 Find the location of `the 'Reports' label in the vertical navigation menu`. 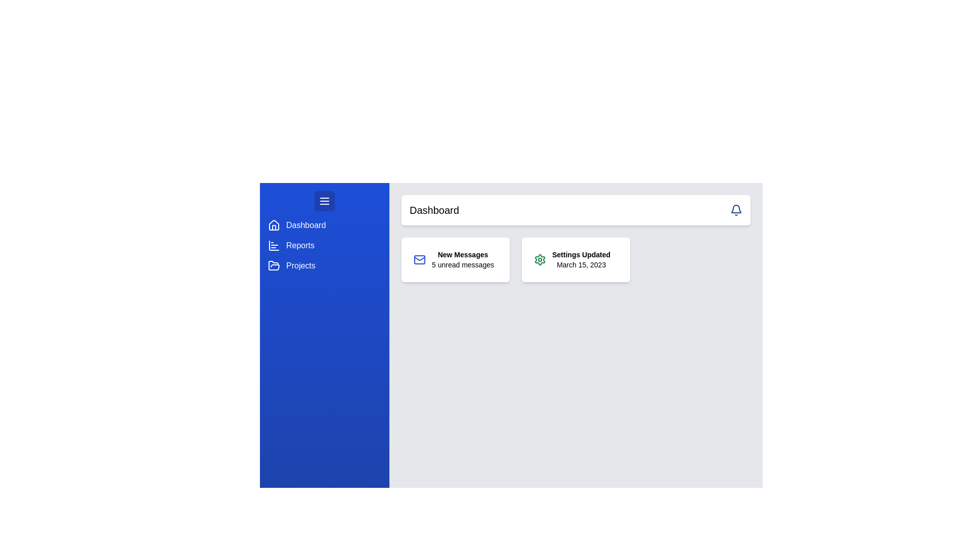

the 'Reports' label in the vertical navigation menu is located at coordinates (300, 246).